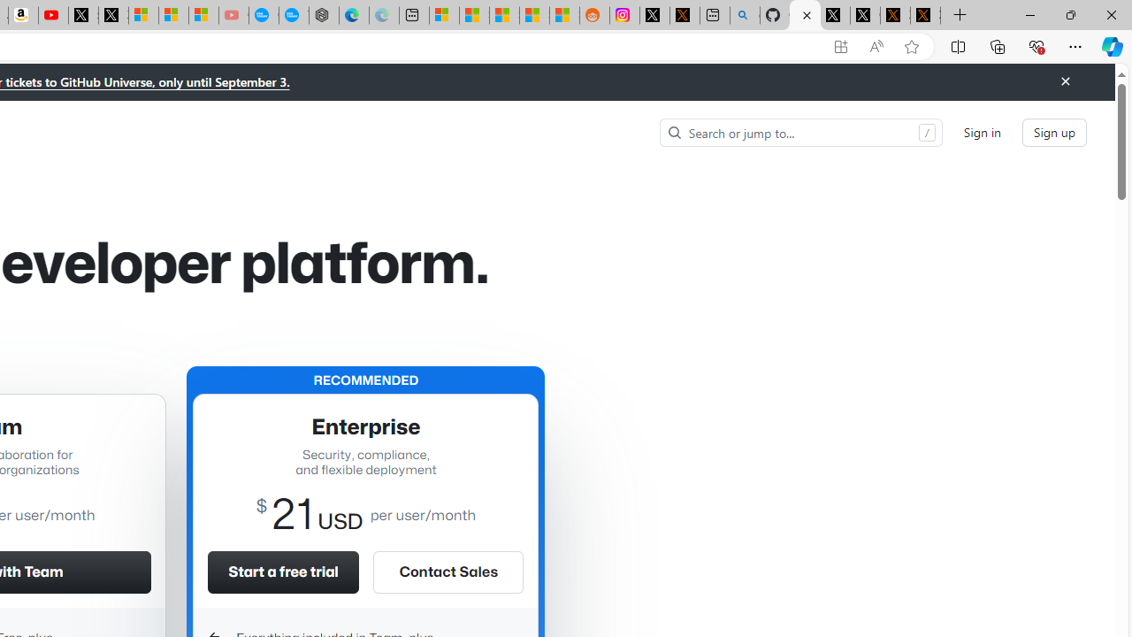 The width and height of the screenshot is (1132, 637). What do you see at coordinates (447, 572) in the screenshot?
I see `'Contact Sales'` at bounding box center [447, 572].